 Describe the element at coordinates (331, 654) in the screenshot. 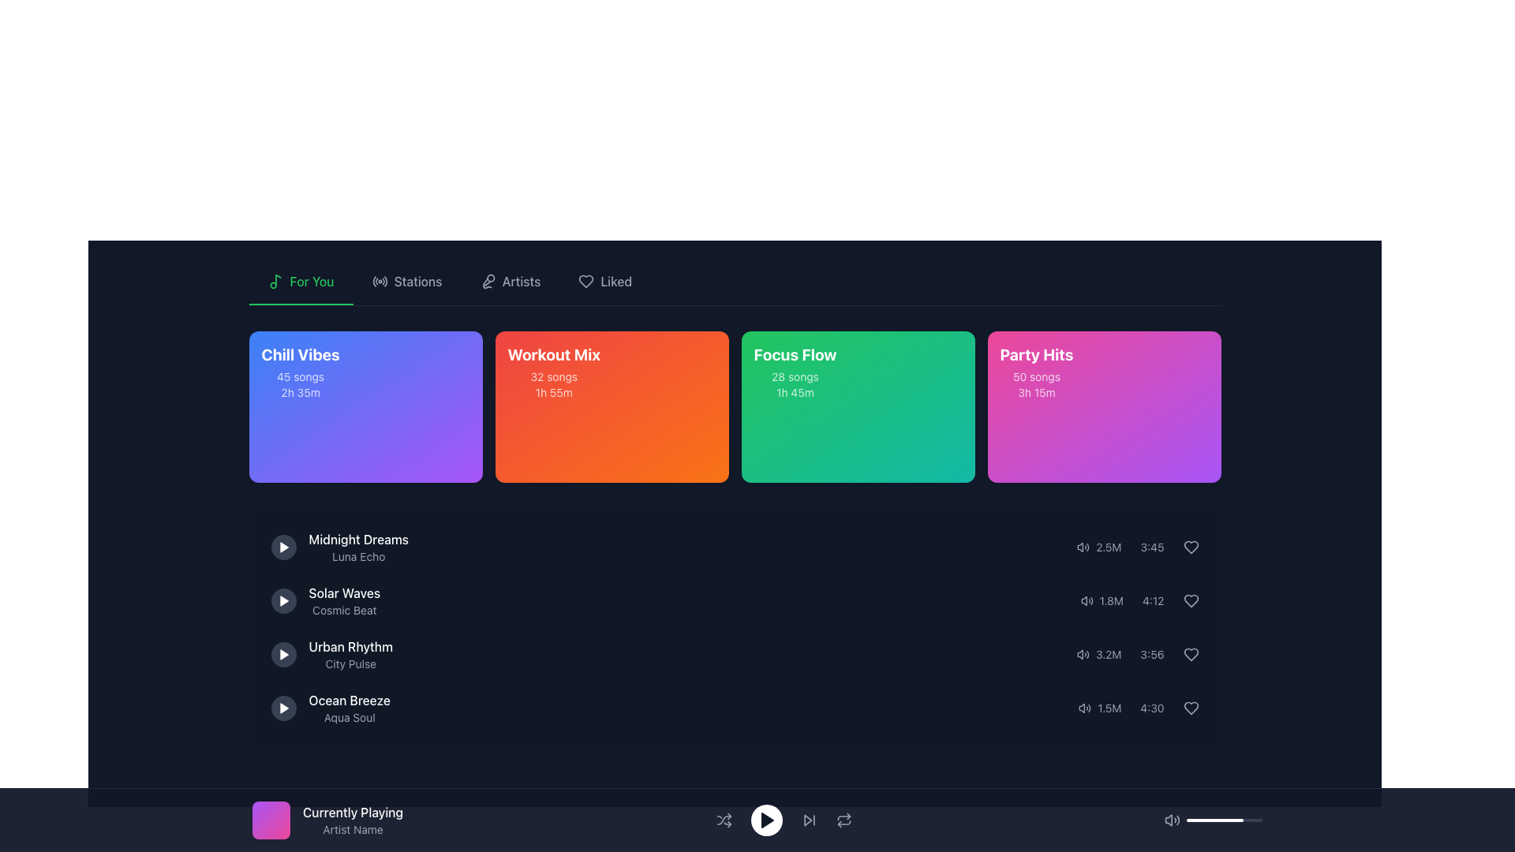

I see `the Text label displaying 'Urban Rhythm' by 'City Pulse', which is the third item in the vertical list of audio track entries` at that location.